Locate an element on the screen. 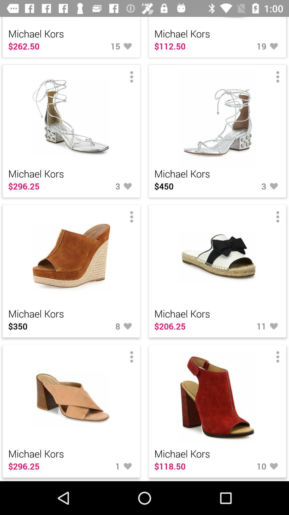  the number beside 20625 is located at coordinates (249, 326).